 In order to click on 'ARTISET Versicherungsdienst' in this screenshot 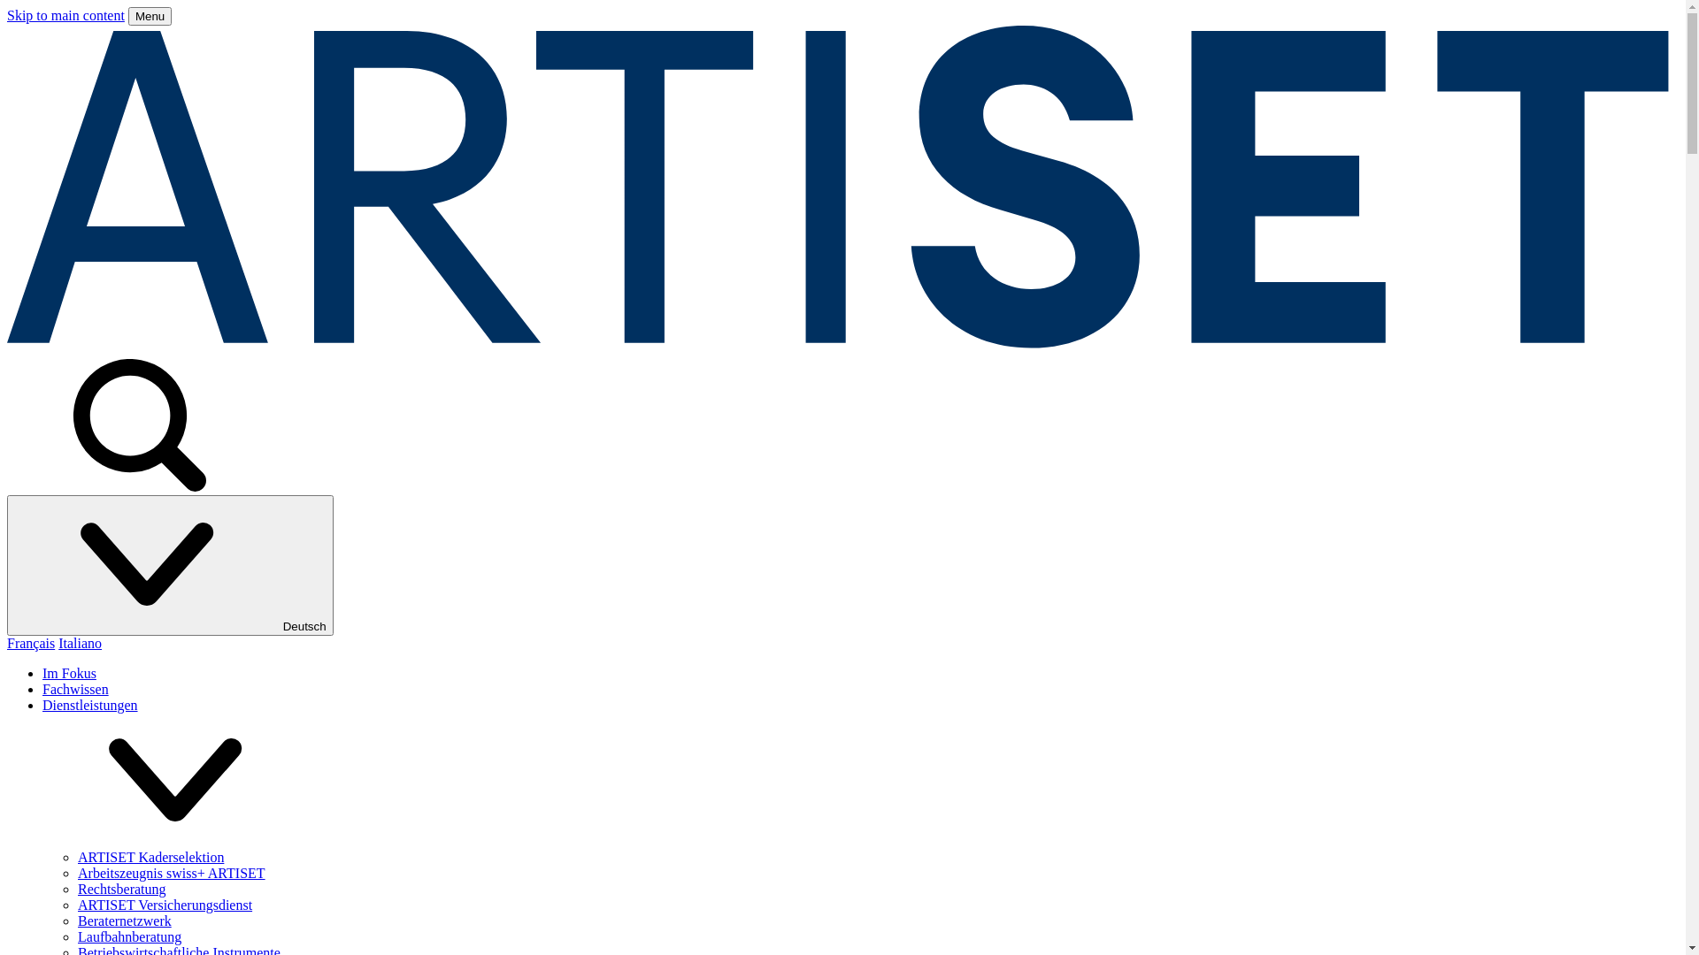, I will do `click(76, 905)`.